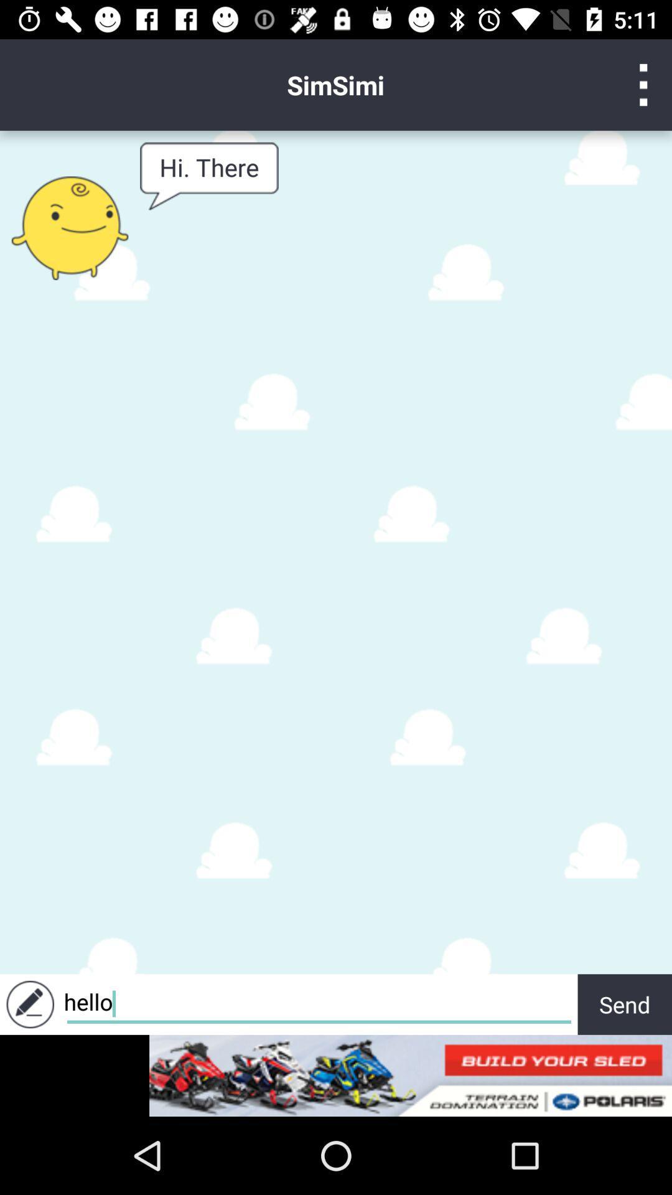 Image resolution: width=672 pixels, height=1195 pixels. Describe the element at coordinates (643, 84) in the screenshot. I see `icon` at that location.